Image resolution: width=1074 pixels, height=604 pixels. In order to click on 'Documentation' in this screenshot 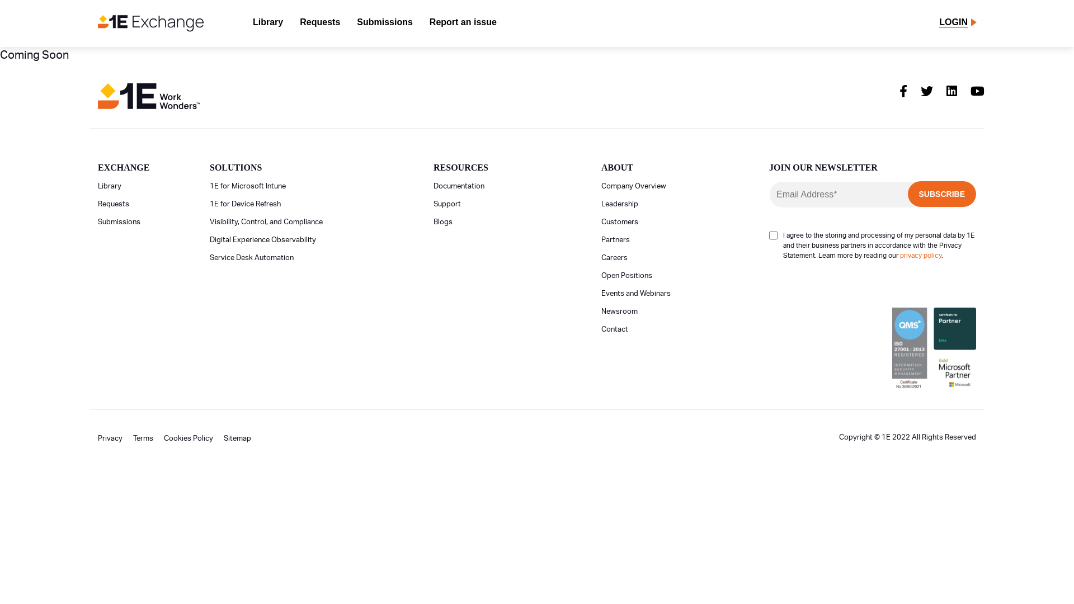, I will do `click(432, 186)`.